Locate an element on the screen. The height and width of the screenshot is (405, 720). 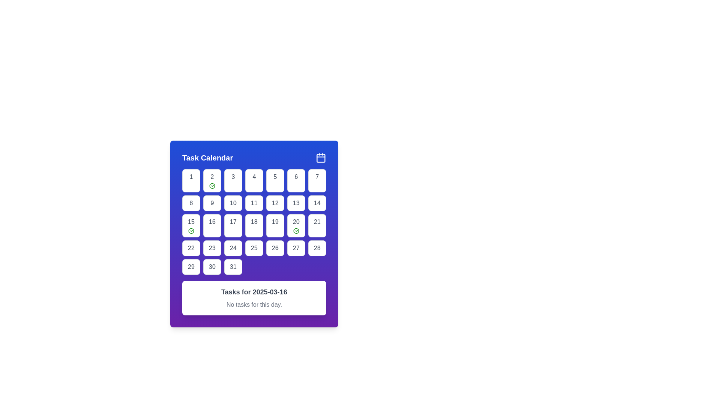
the button-like text element displaying the number '28' is located at coordinates (317, 248).